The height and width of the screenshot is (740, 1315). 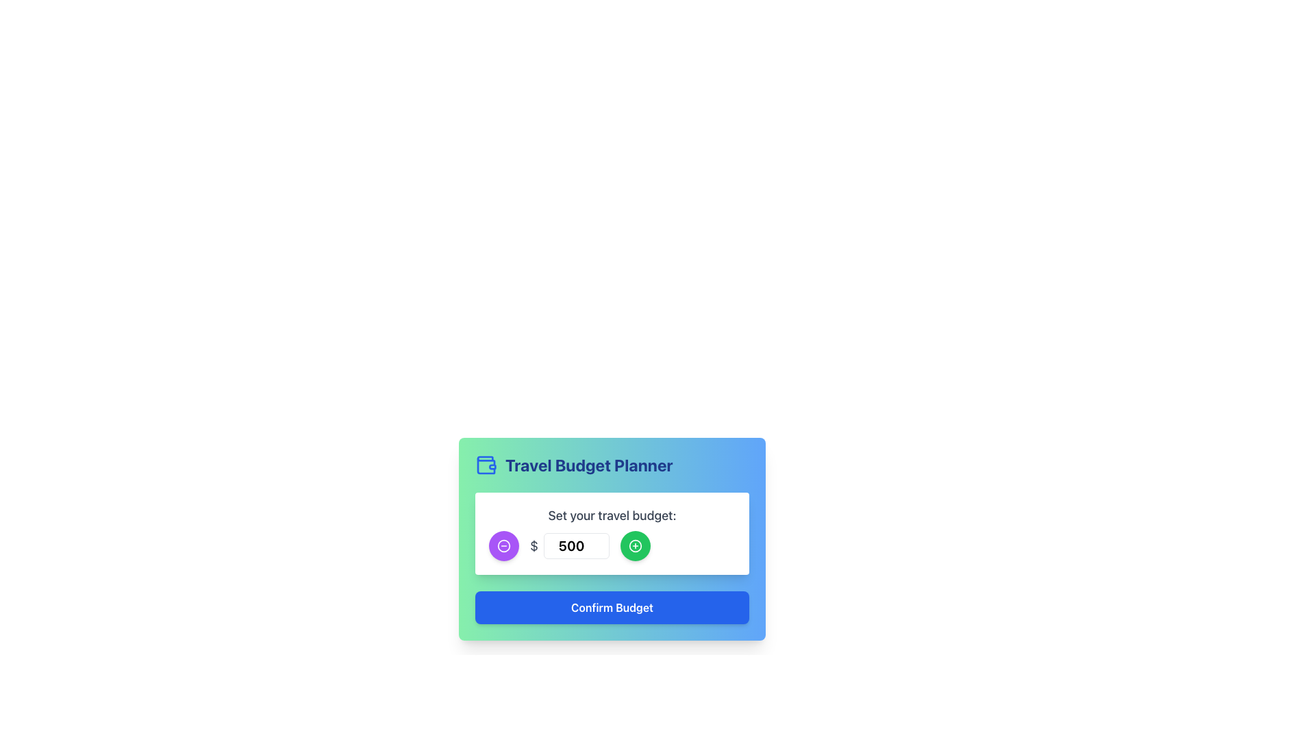 I want to click on the first button in the horizontal row to the left of the numeric input field under the 'Set your travel budget:' section to decrease the value, so click(x=503, y=545).